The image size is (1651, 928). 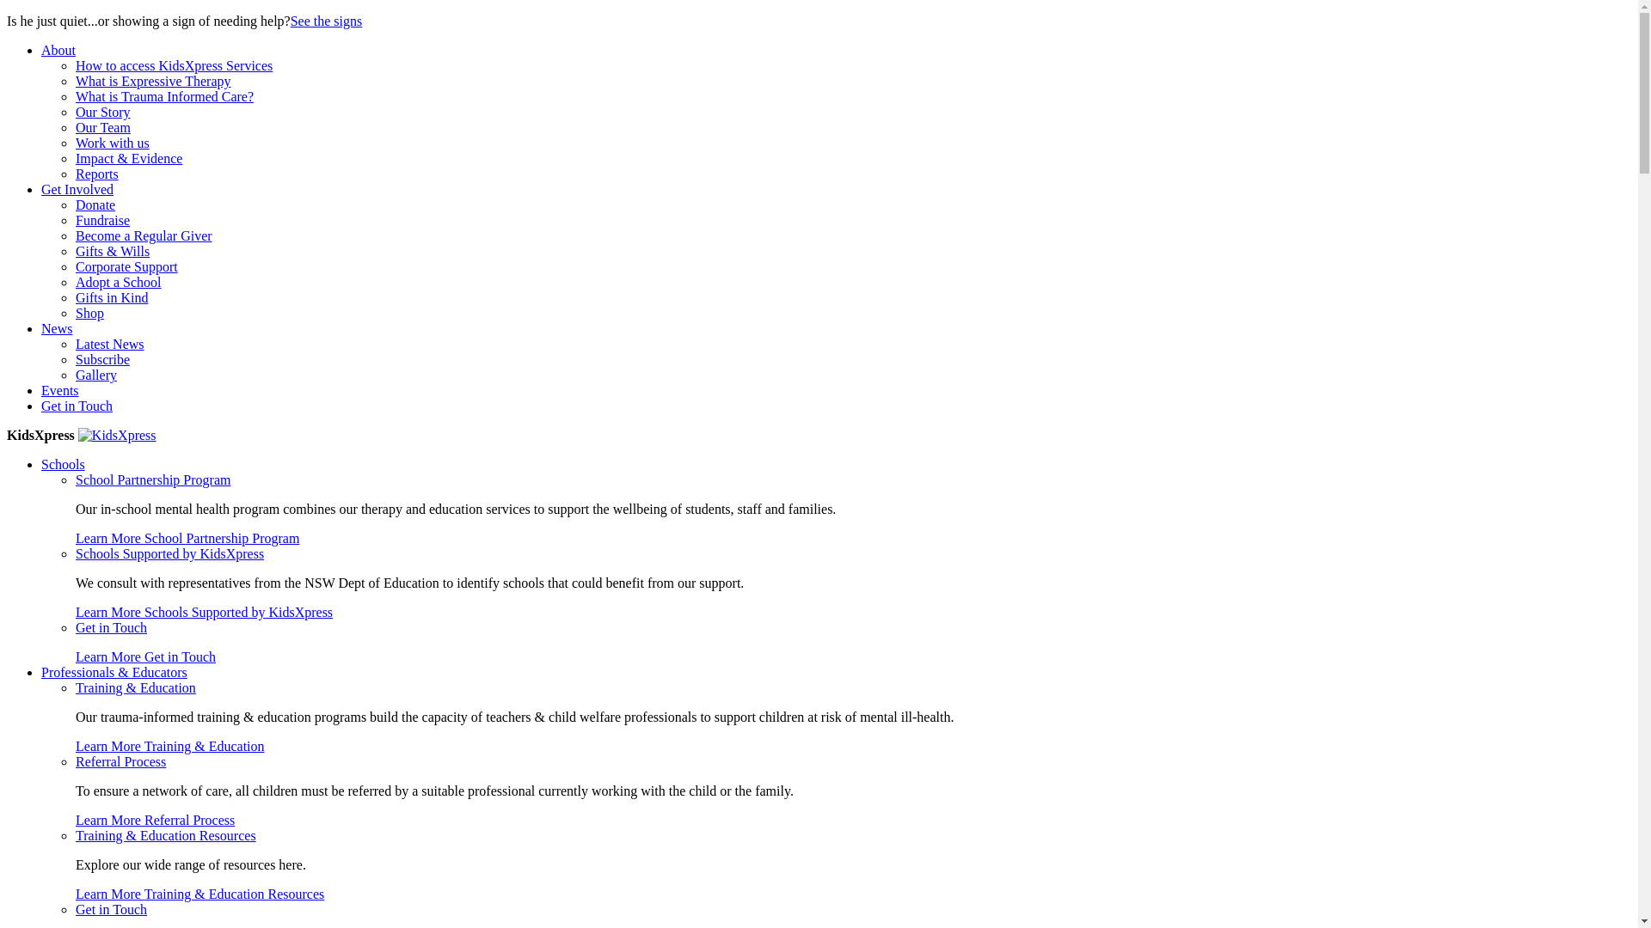 What do you see at coordinates (89, 313) in the screenshot?
I see `'Shop'` at bounding box center [89, 313].